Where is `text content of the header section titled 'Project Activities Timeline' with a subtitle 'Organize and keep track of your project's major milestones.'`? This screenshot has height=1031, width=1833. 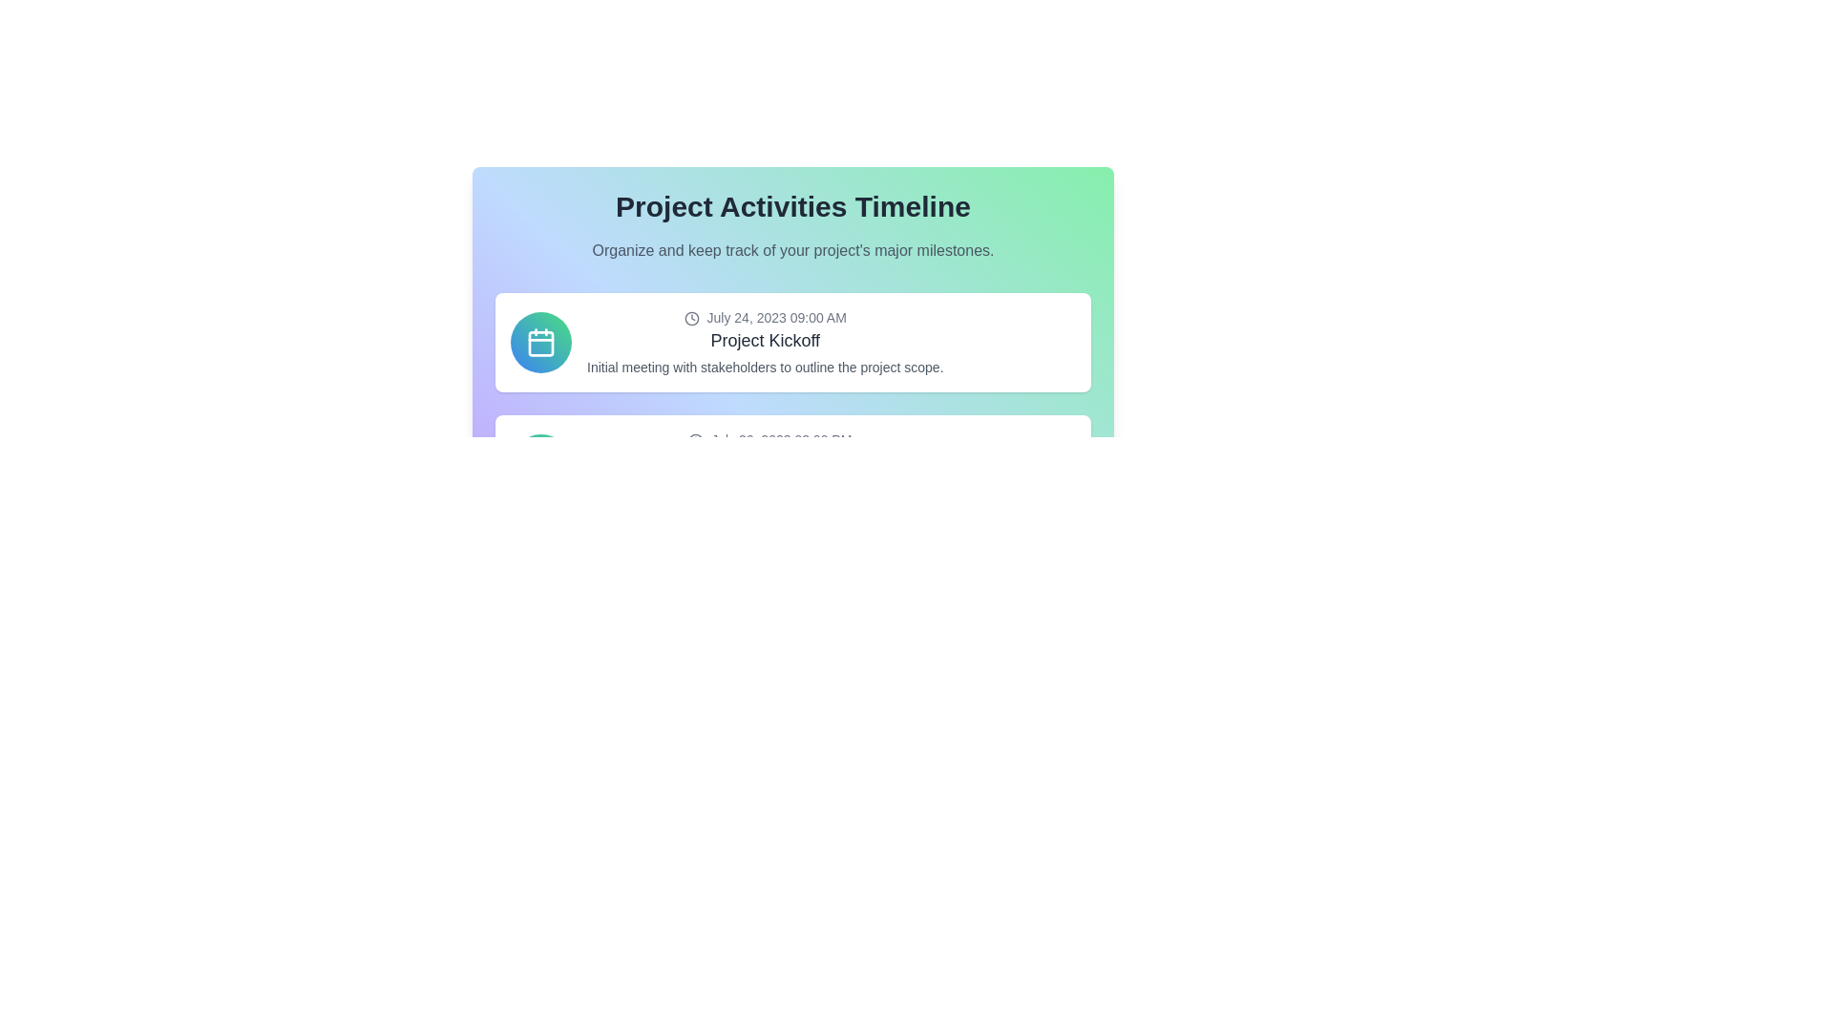 text content of the header section titled 'Project Activities Timeline' with a subtitle 'Organize and keep track of your project's major milestones.' is located at coordinates (792, 224).